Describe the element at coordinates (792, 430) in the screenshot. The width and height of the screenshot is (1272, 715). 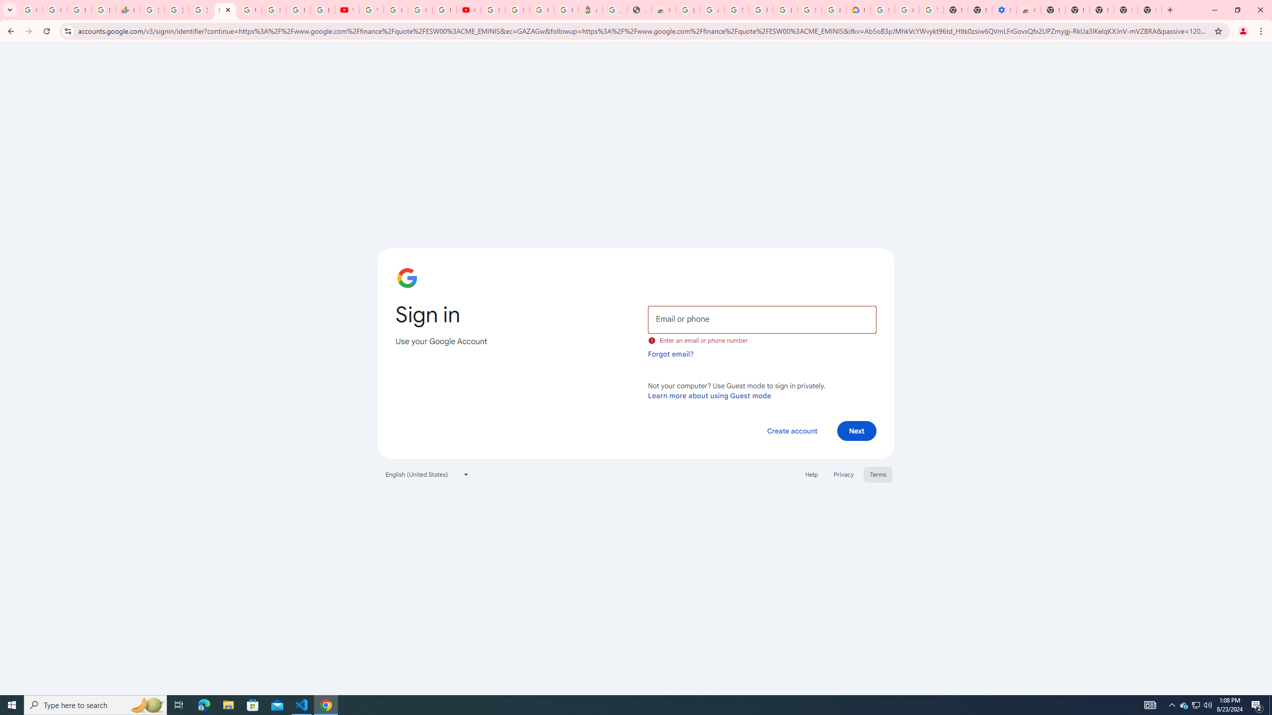
I see `'Create account'` at that location.